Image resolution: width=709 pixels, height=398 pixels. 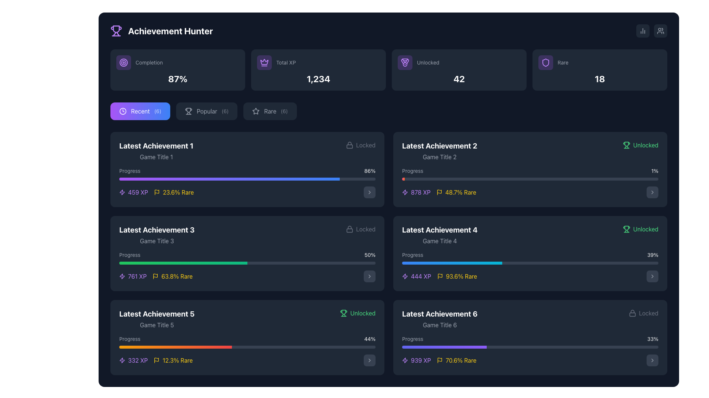 What do you see at coordinates (652, 276) in the screenshot?
I see `the right-facing chevron icon, which is a minimalist dark gray triangular arrow located at the bottom right of the 'Latest Achievement 4' section, to receive additional feedback from the interface` at bounding box center [652, 276].